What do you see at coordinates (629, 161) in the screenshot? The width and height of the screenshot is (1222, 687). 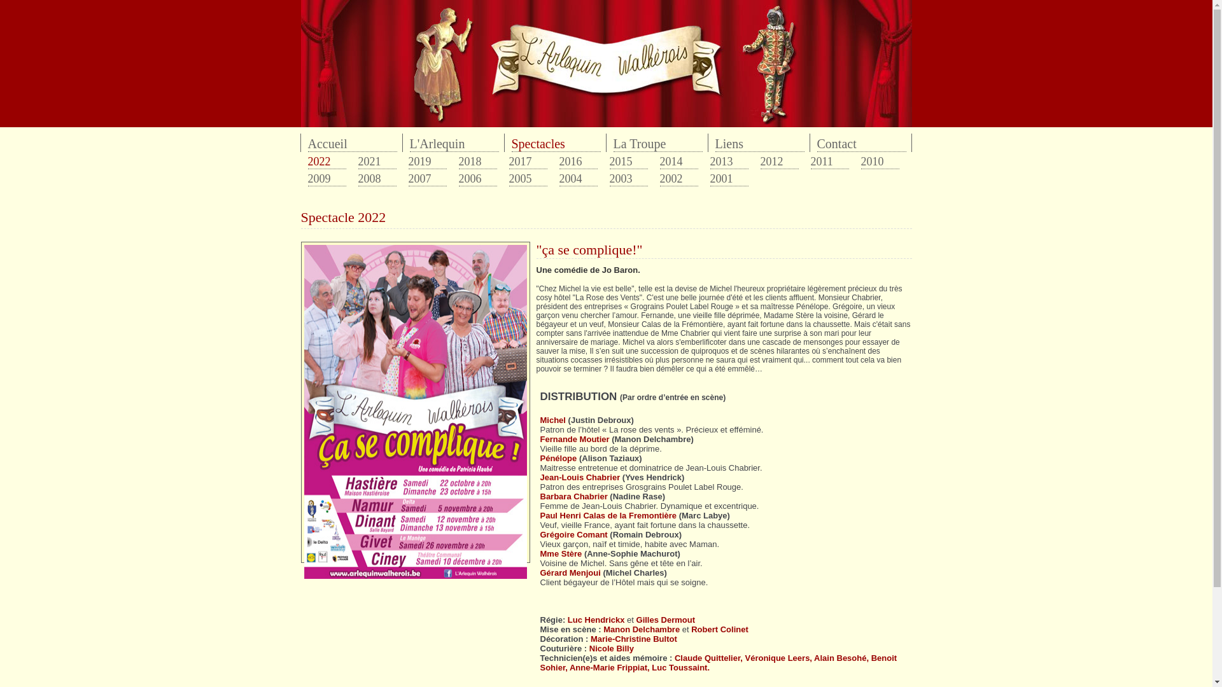 I see `'2015'` at bounding box center [629, 161].